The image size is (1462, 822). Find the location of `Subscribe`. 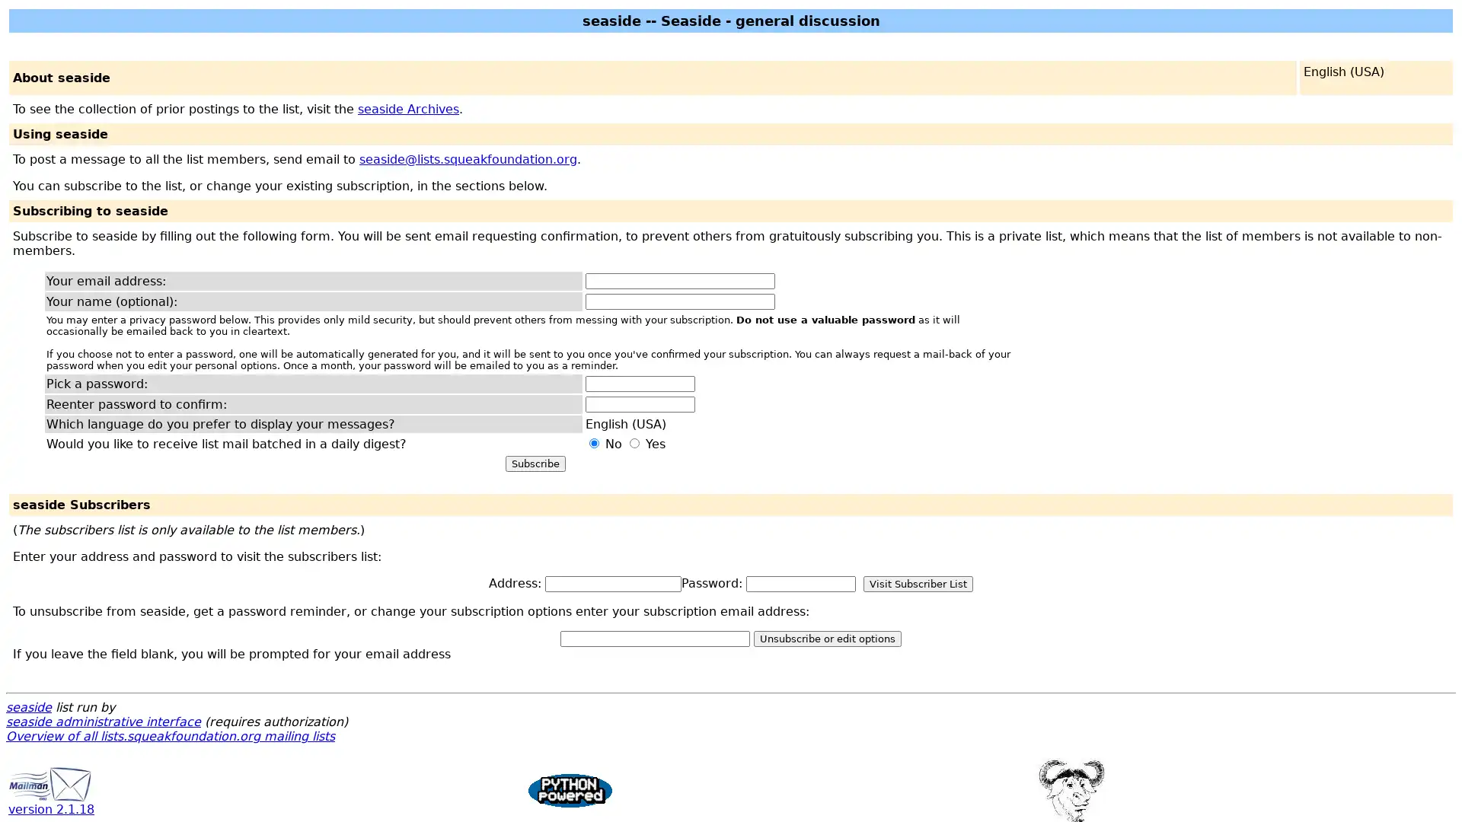

Subscribe is located at coordinates (535, 463).